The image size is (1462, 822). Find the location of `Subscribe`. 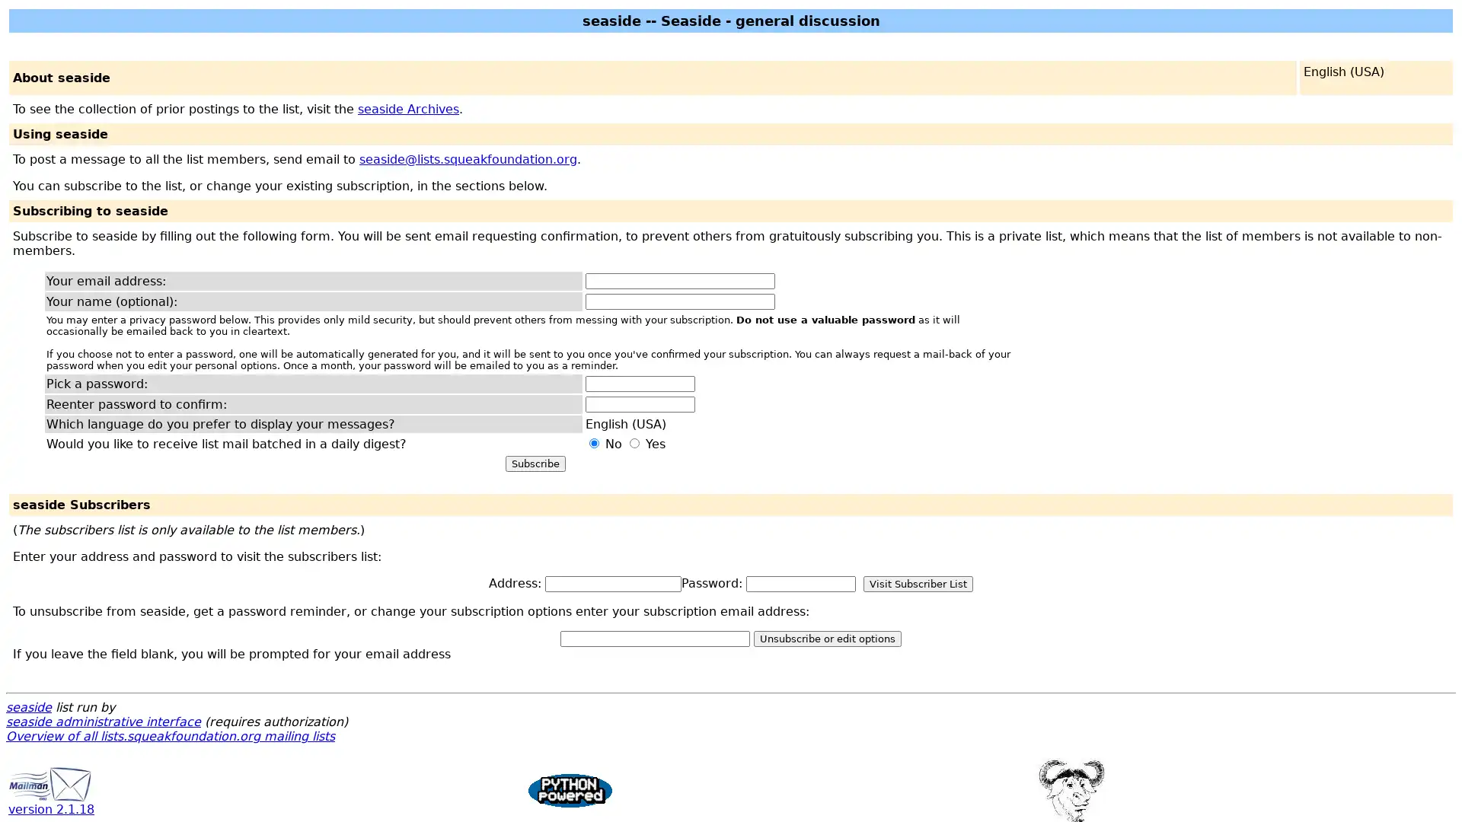

Subscribe is located at coordinates (535, 463).